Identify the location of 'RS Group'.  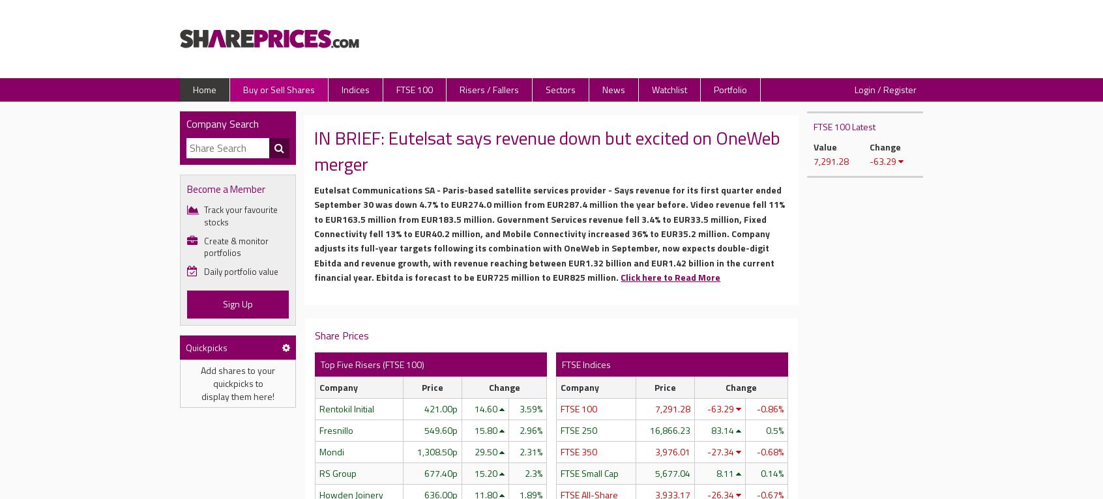
(338, 472).